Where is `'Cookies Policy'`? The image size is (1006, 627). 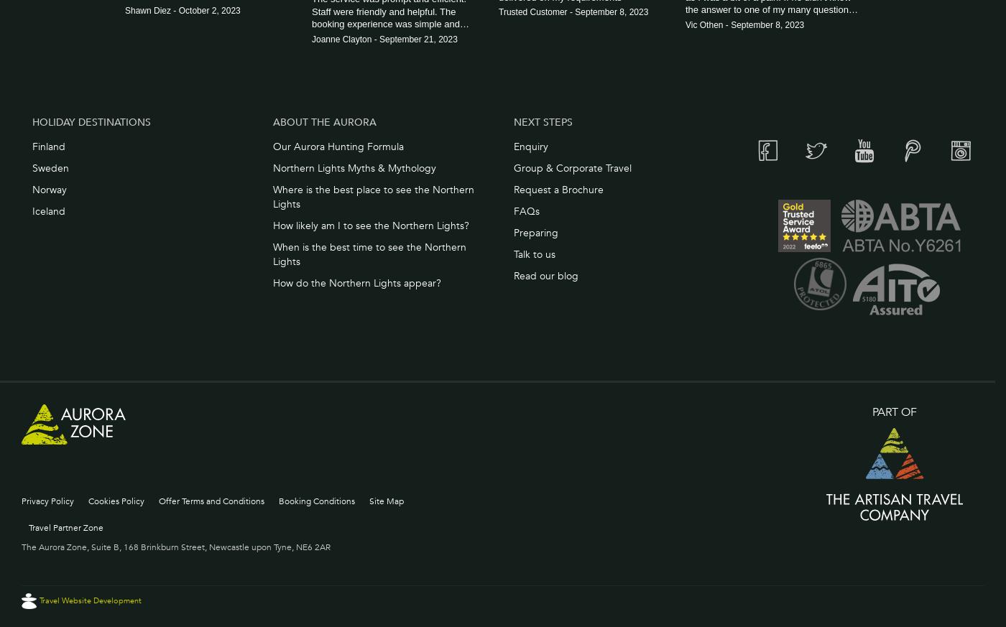 'Cookies Policy' is located at coordinates (116, 500).